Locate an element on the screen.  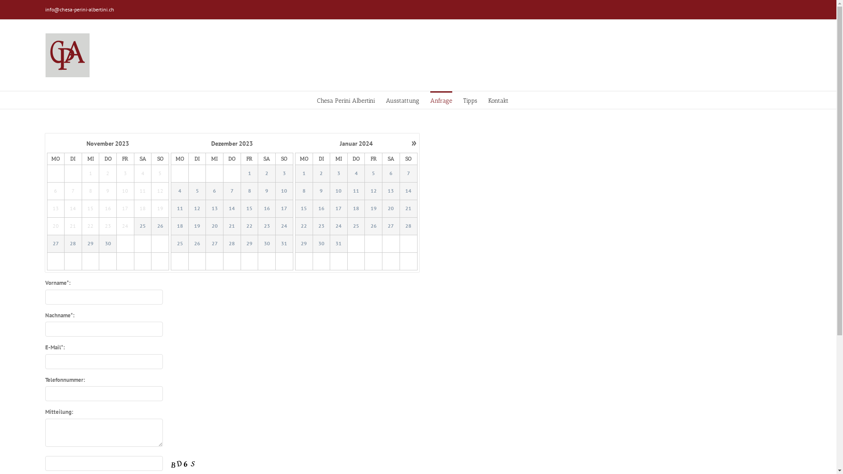
'info@chesa-perini-albertini.ch' is located at coordinates (79, 9).